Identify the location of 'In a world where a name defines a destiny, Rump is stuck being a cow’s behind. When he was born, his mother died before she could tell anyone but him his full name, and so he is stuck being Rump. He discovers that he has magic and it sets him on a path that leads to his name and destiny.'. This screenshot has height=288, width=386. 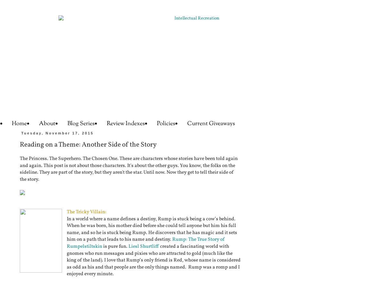
(152, 229).